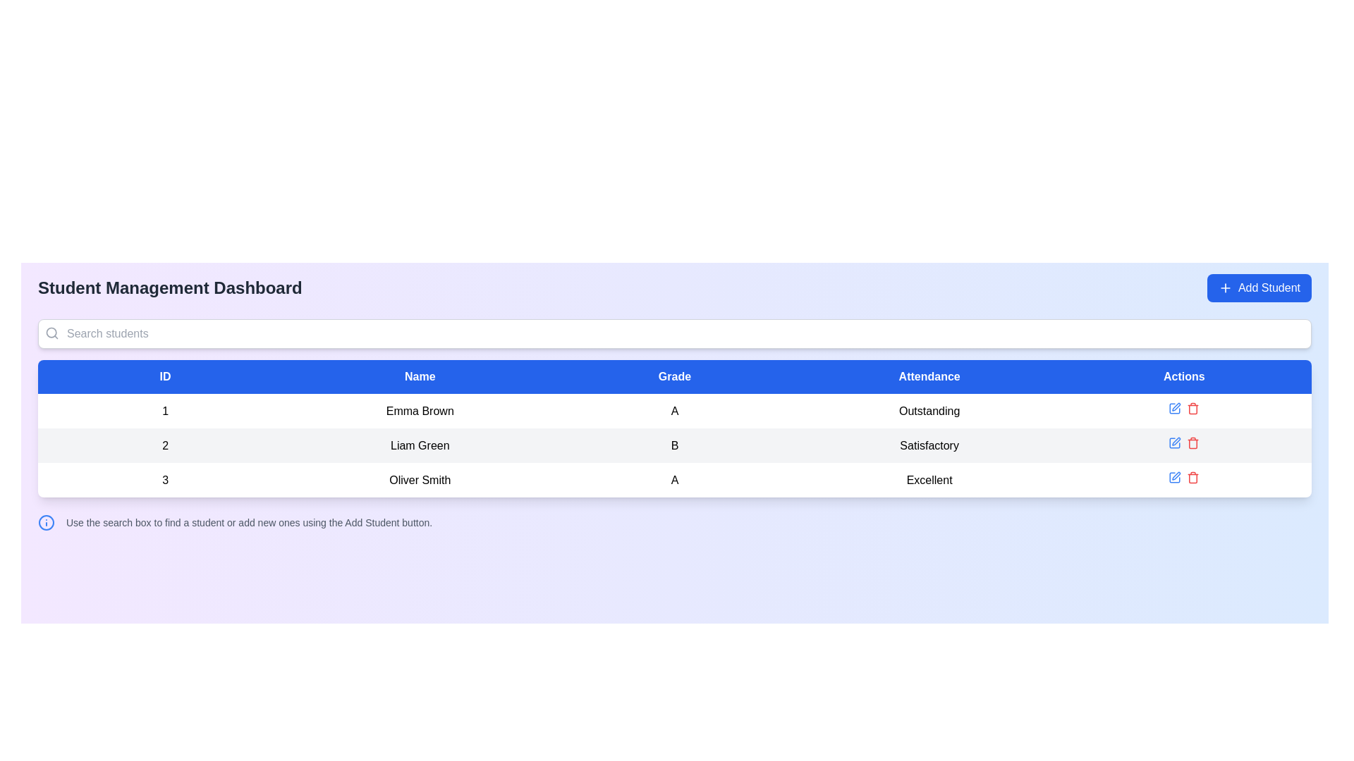  What do you see at coordinates (673, 411) in the screenshot?
I see `the text label displaying 'A' located in the third column under the 'Grade' column for the row labeled '1' and 'Emma Brown'` at bounding box center [673, 411].